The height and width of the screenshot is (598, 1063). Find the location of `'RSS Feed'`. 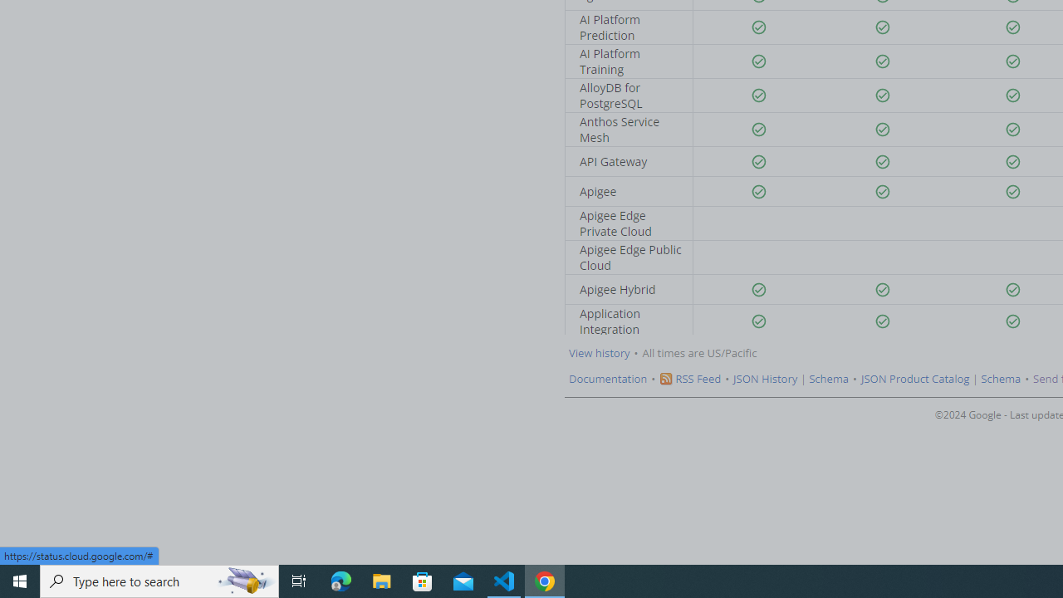

'RSS Feed' is located at coordinates (698, 379).